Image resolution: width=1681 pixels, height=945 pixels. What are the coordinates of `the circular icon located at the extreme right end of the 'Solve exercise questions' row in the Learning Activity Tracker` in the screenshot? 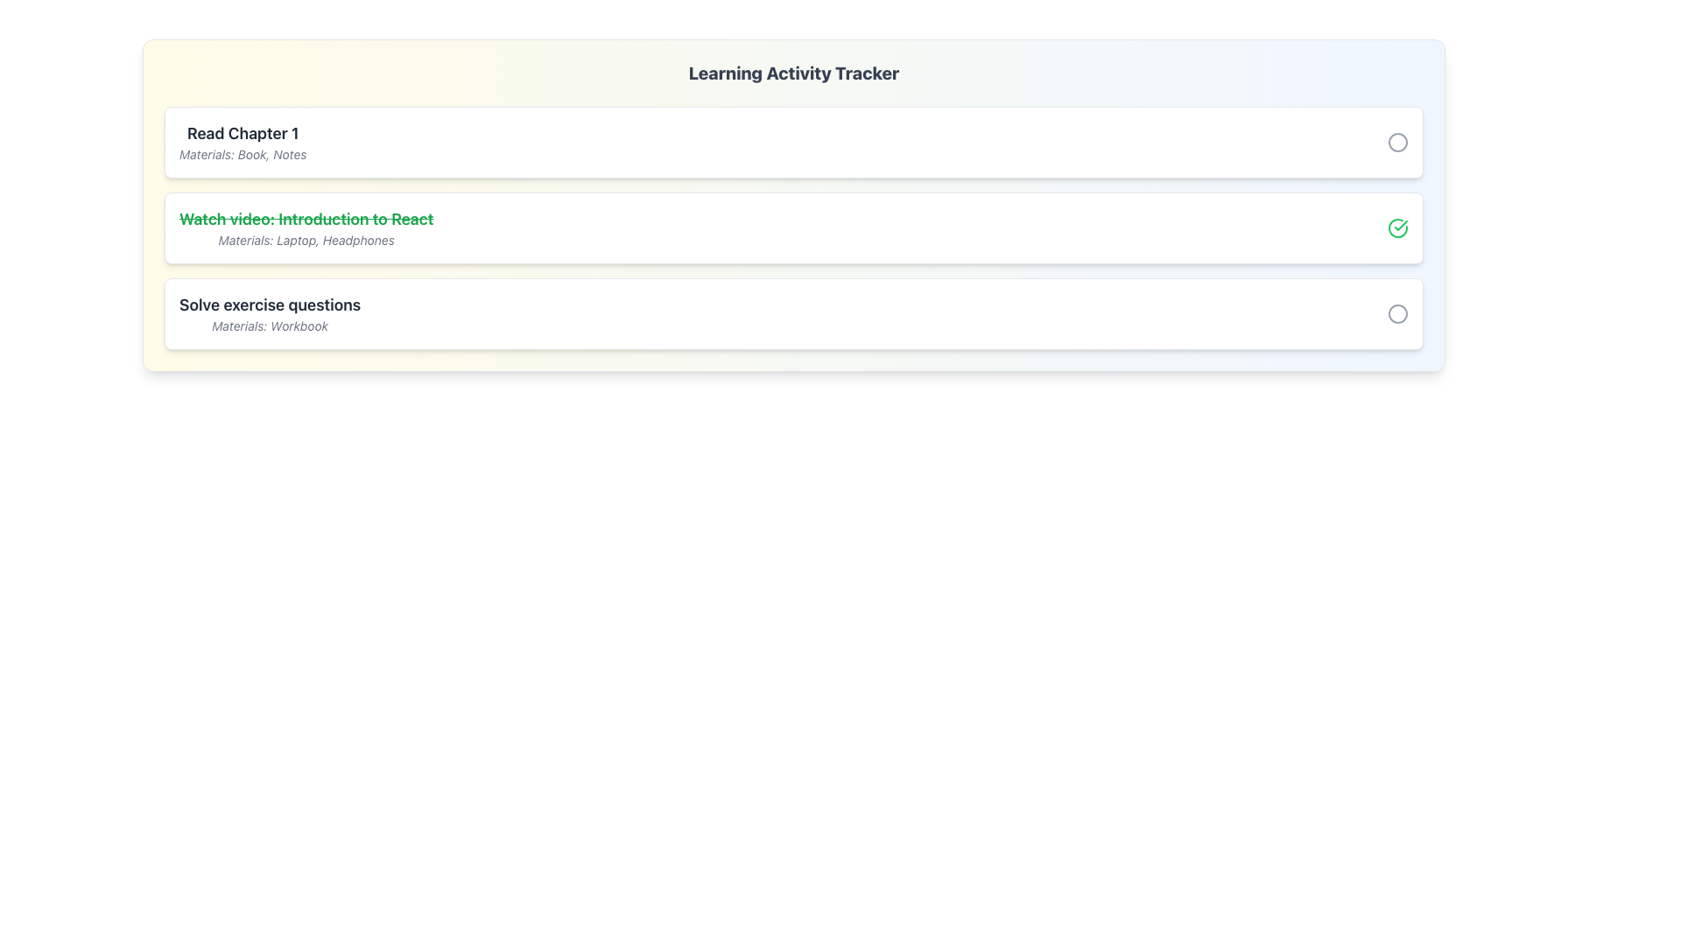 It's located at (1397, 312).